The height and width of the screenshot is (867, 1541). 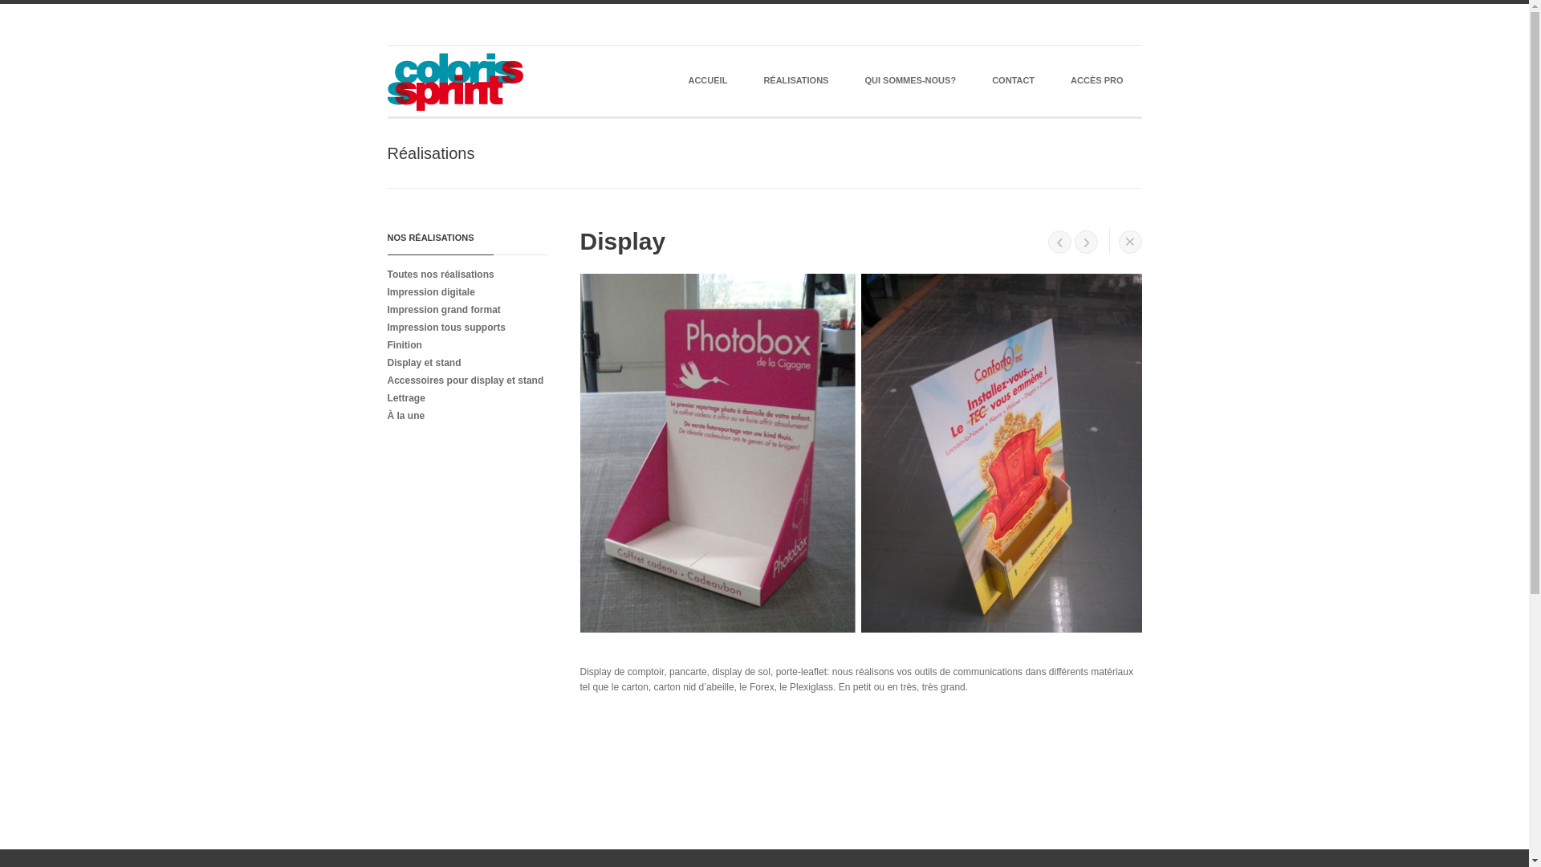 What do you see at coordinates (461, 343) in the screenshot?
I see `'Finition'` at bounding box center [461, 343].